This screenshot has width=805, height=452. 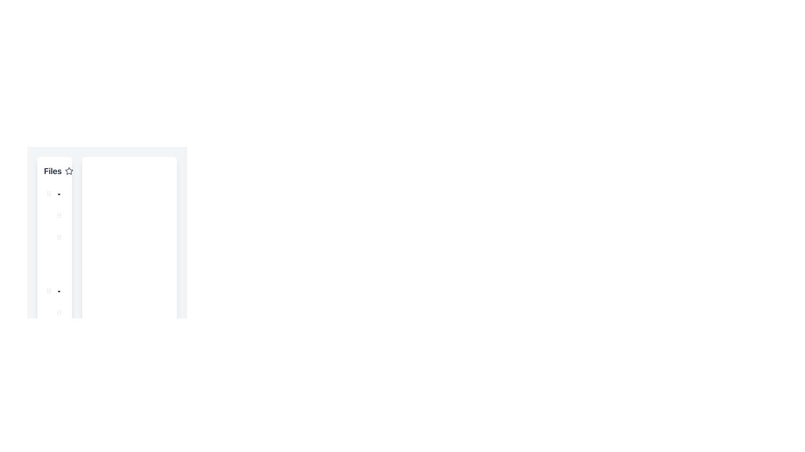 What do you see at coordinates (69, 170) in the screenshot?
I see `the star-shaped icon button located in the sidebar to the right of 'Files'` at bounding box center [69, 170].